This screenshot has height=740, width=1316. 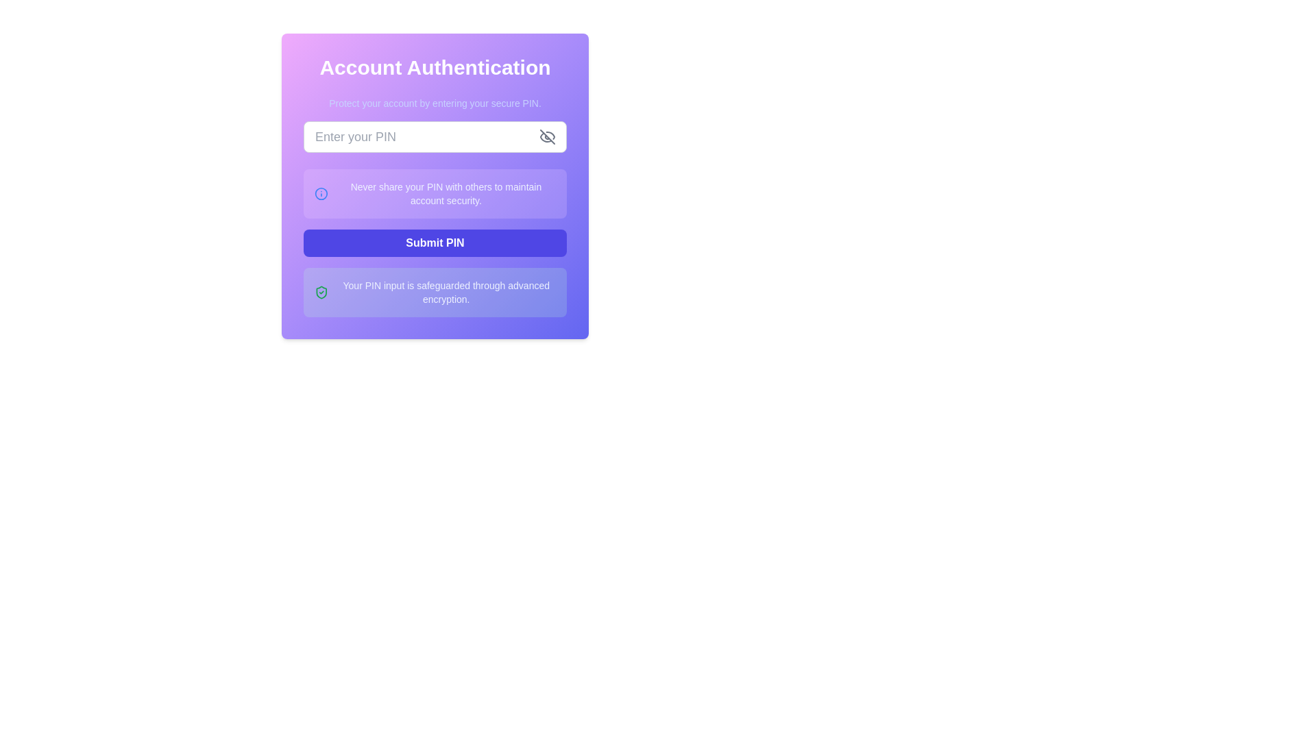 I want to click on the informational warning icon element located in the left section of the text box containing the message 'Never share your PIN with others to maintain account security.', so click(x=320, y=193).